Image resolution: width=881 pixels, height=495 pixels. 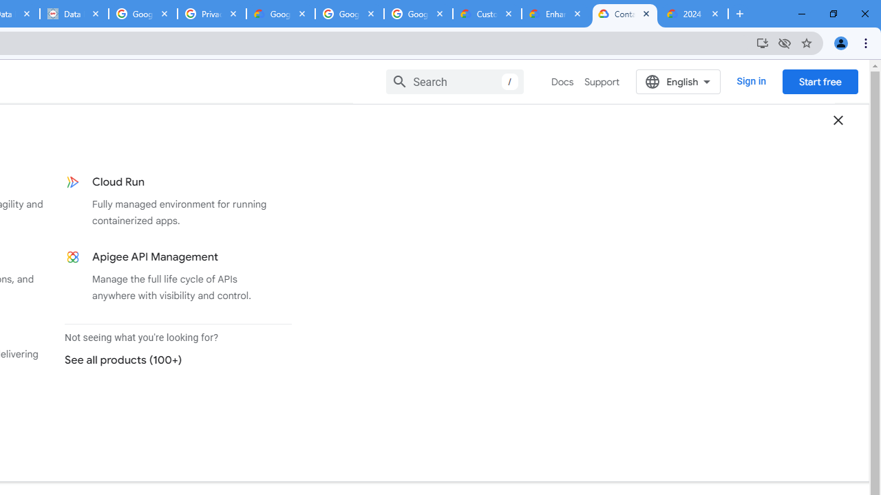 What do you see at coordinates (678, 81) in the screenshot?
I see `'English'` at bounding box center [678, 81].